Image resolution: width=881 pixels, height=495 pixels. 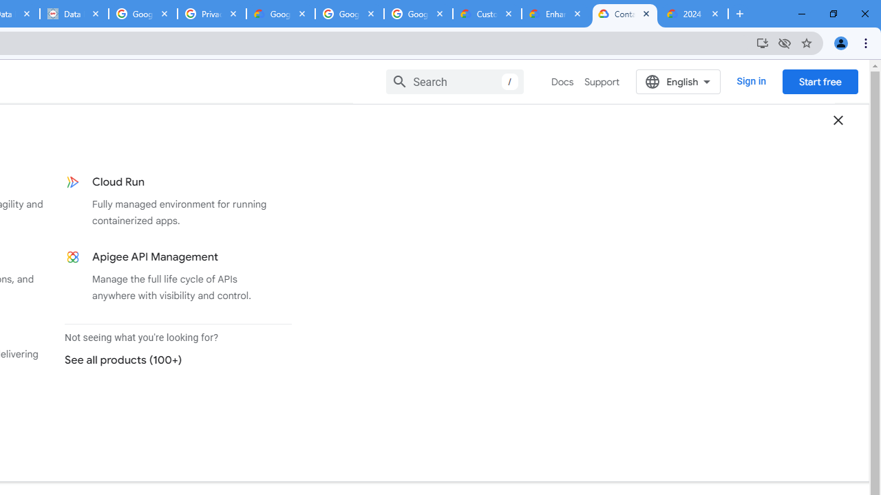 What do you see at coordinates (678, 81) in the screenshot?
I see `'English'` at bounding box center [678, 81].